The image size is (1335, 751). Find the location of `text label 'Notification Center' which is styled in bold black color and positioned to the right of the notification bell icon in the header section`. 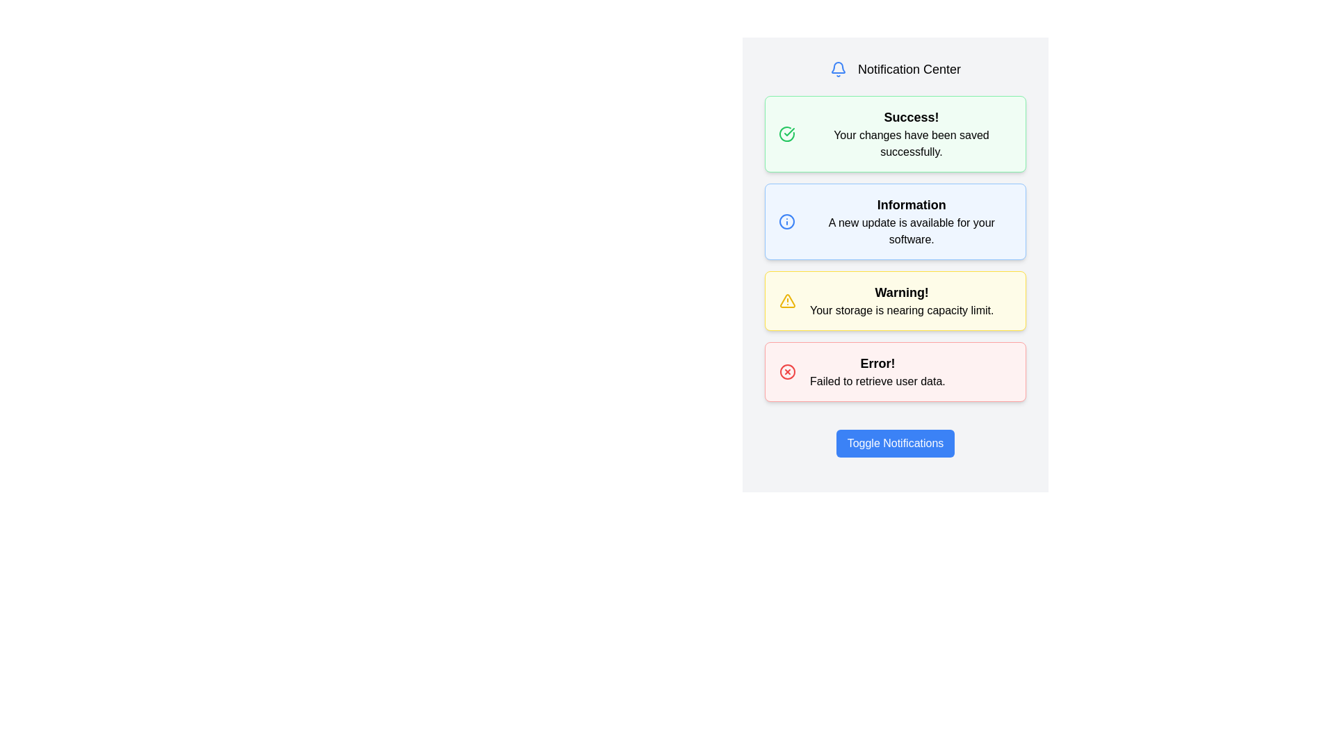

text label 'Notification Center' which is styled in bold black color and positioned to the right of the notification bell icon in the header section is located at coordinates (909, 70).